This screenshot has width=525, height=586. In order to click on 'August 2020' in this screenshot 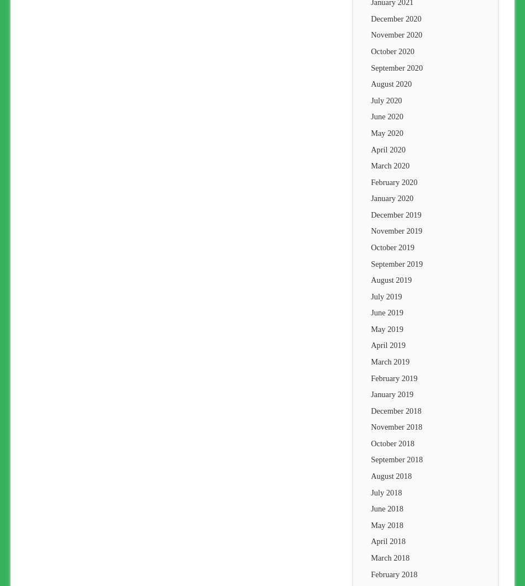, I will do `click(391, 84)`.